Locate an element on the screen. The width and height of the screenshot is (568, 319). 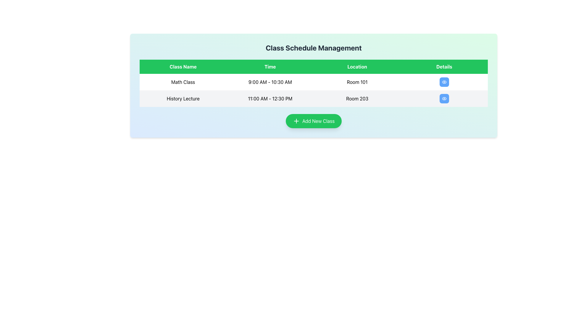
the 'Details' table header cell, which is the fourth cell in the header row of a table, positioned to the right of the 'Location' cell is located at coordinates (444, 66).